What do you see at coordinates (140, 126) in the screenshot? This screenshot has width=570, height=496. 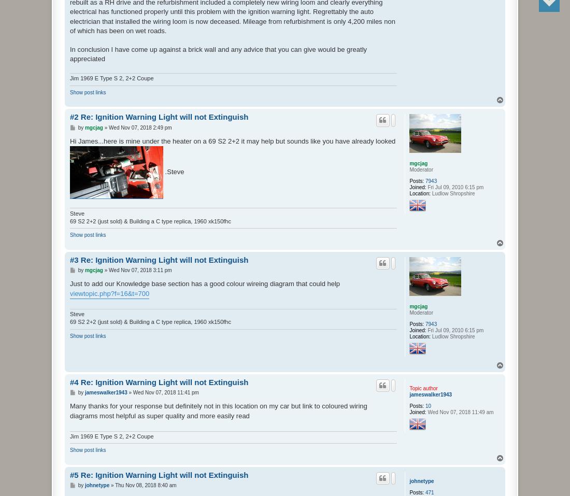 I see `'Wed Nov 07, 2018 2:49 pm'` at bounding box center [140, 126].